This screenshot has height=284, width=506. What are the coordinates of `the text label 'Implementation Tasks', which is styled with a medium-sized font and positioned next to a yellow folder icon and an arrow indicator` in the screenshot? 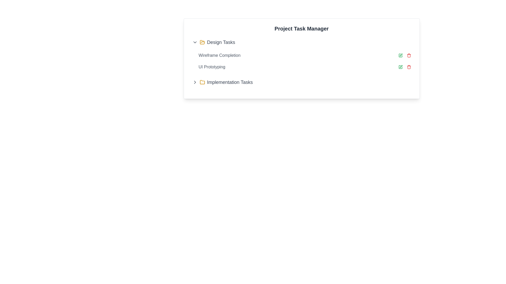 It's located at (230, 82).